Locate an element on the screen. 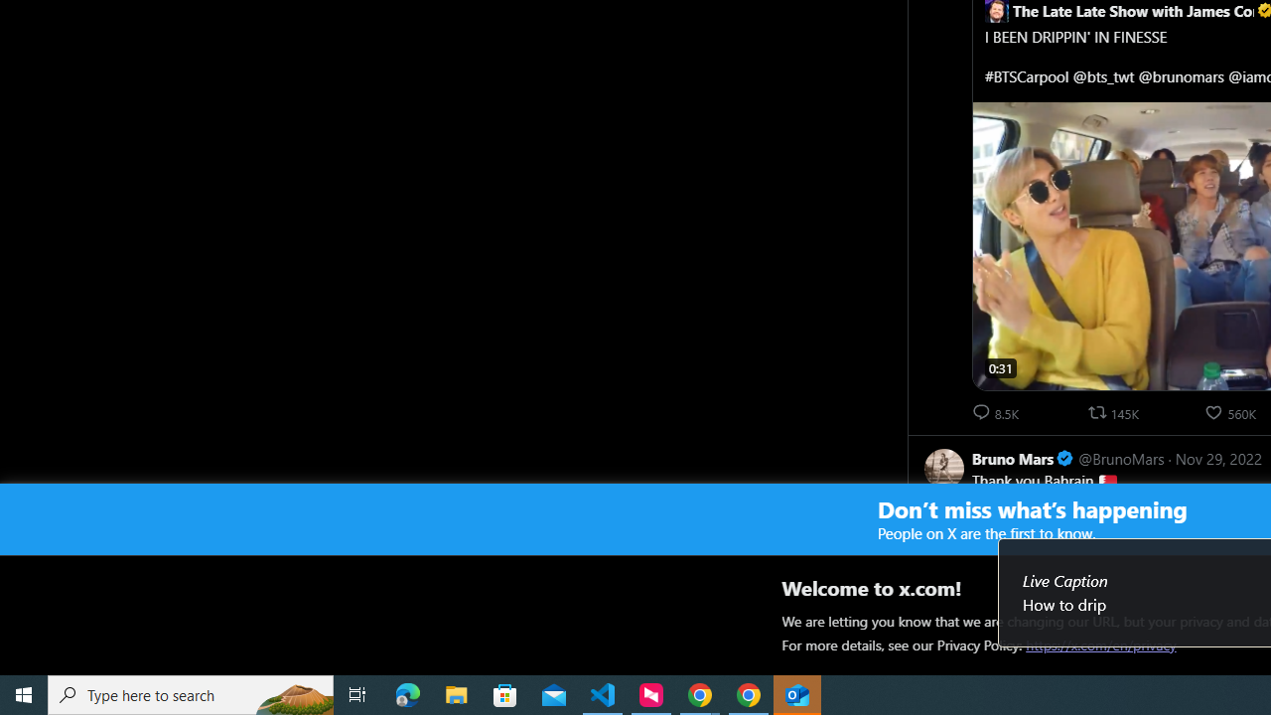 This screenshot has height=715, width=1271. 'https://x.com/en/privacy' is located at coordinates (1100, 644).